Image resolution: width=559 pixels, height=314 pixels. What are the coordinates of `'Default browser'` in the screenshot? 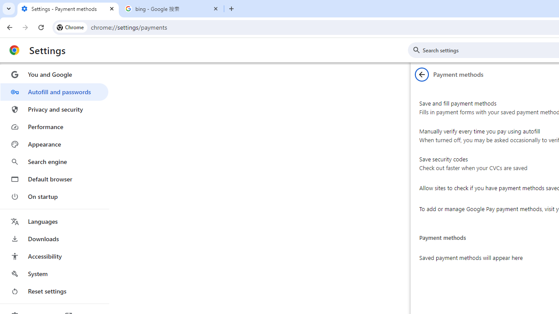 It's located at (54, 179).